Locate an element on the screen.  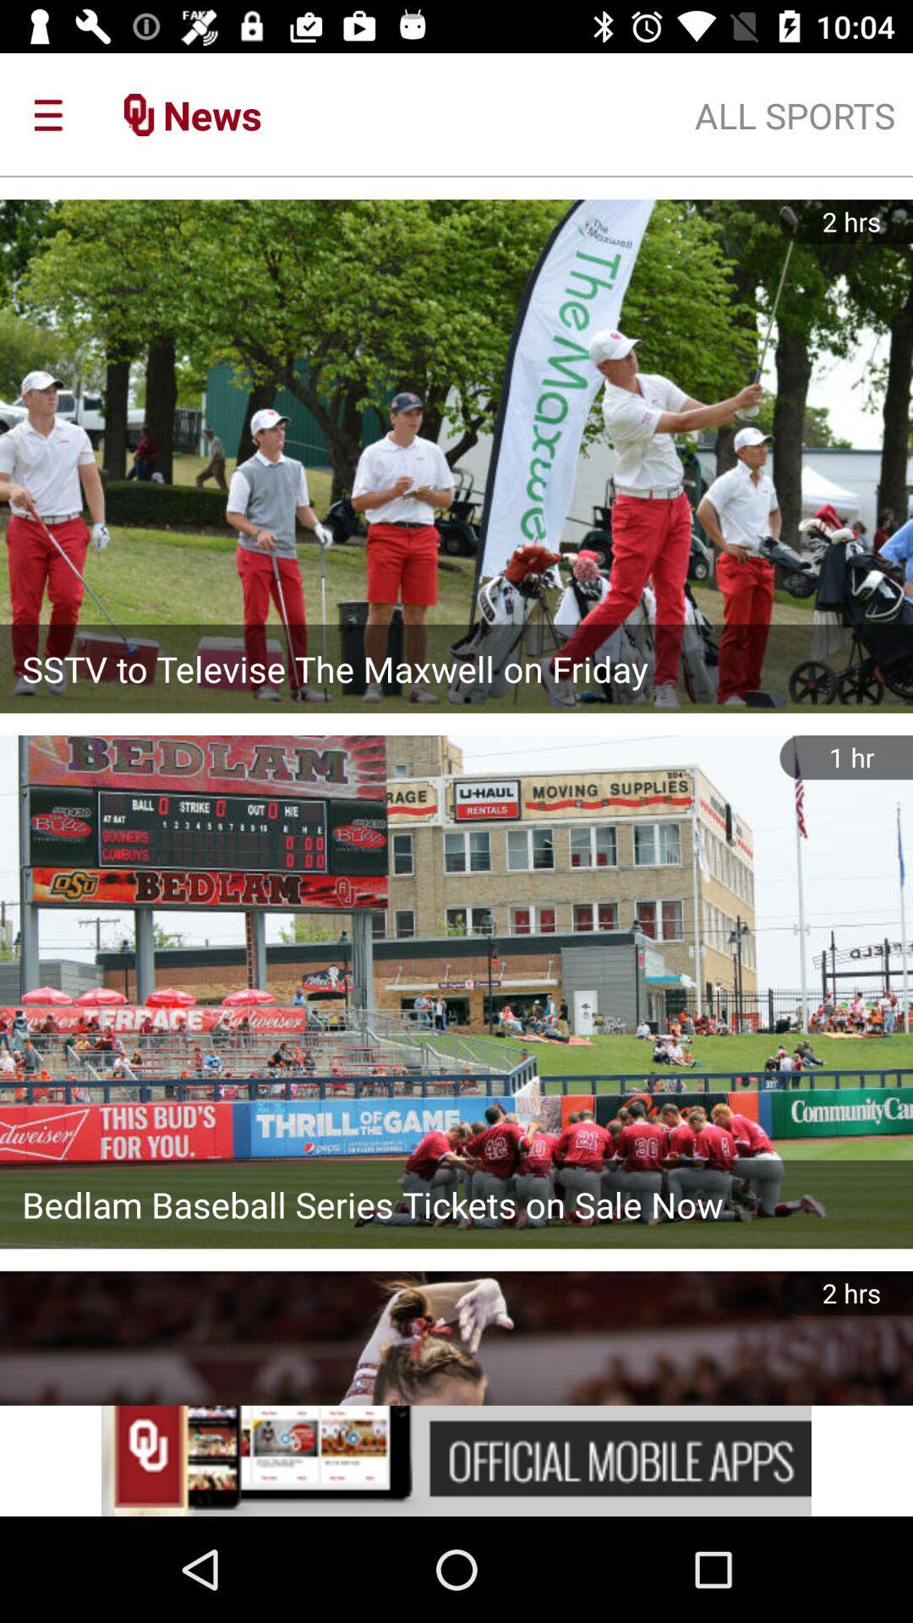
advertisement is located at coordinates (456, 1460).